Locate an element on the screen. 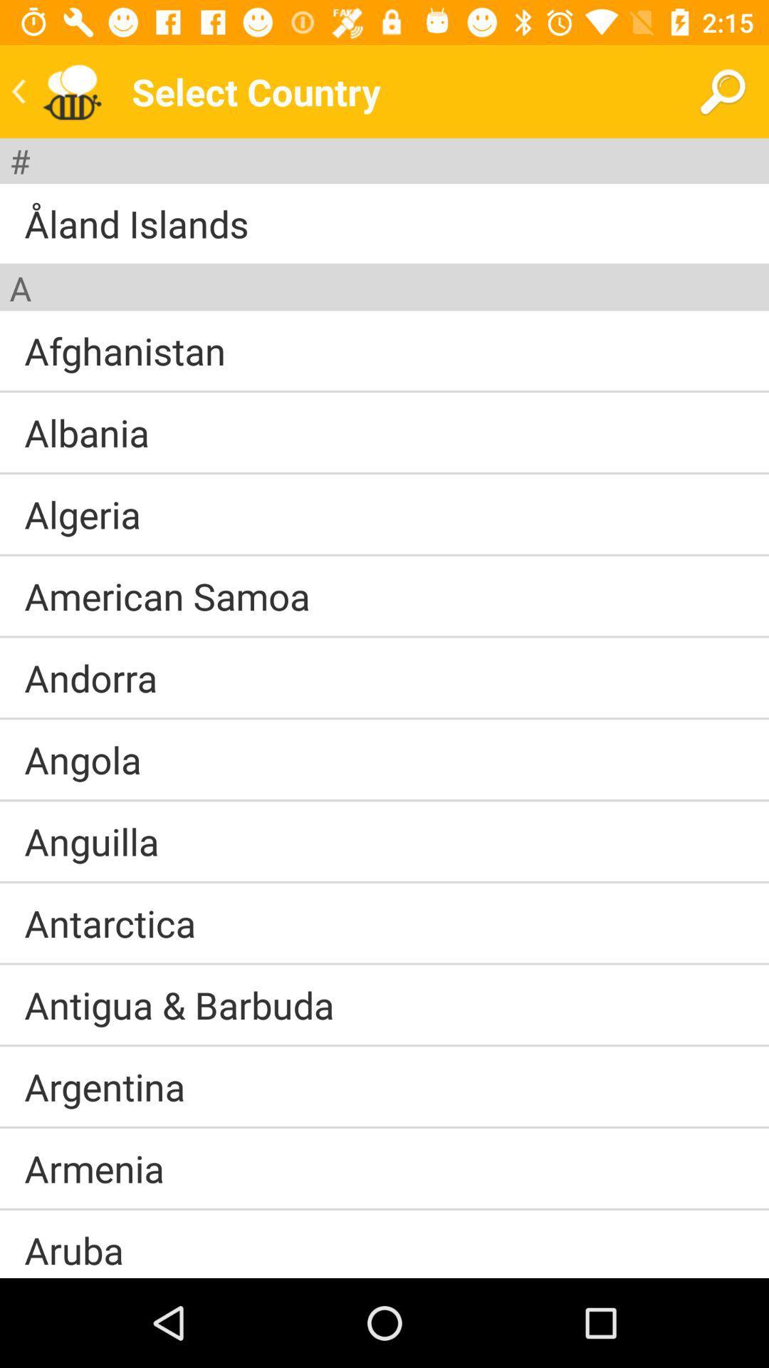  the item above aruba icon is located at coordinates (384, 1208).